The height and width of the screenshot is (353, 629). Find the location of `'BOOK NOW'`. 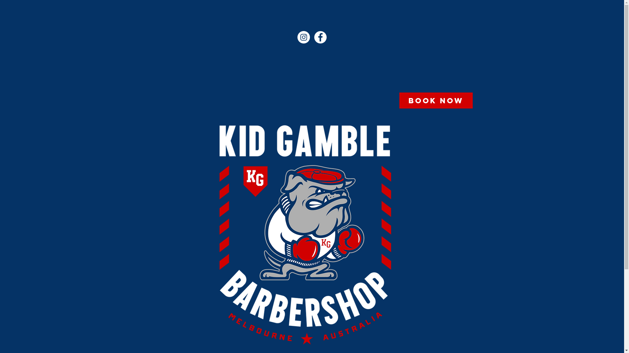

'BOOK NOW' is located at coordinates (435, 100).